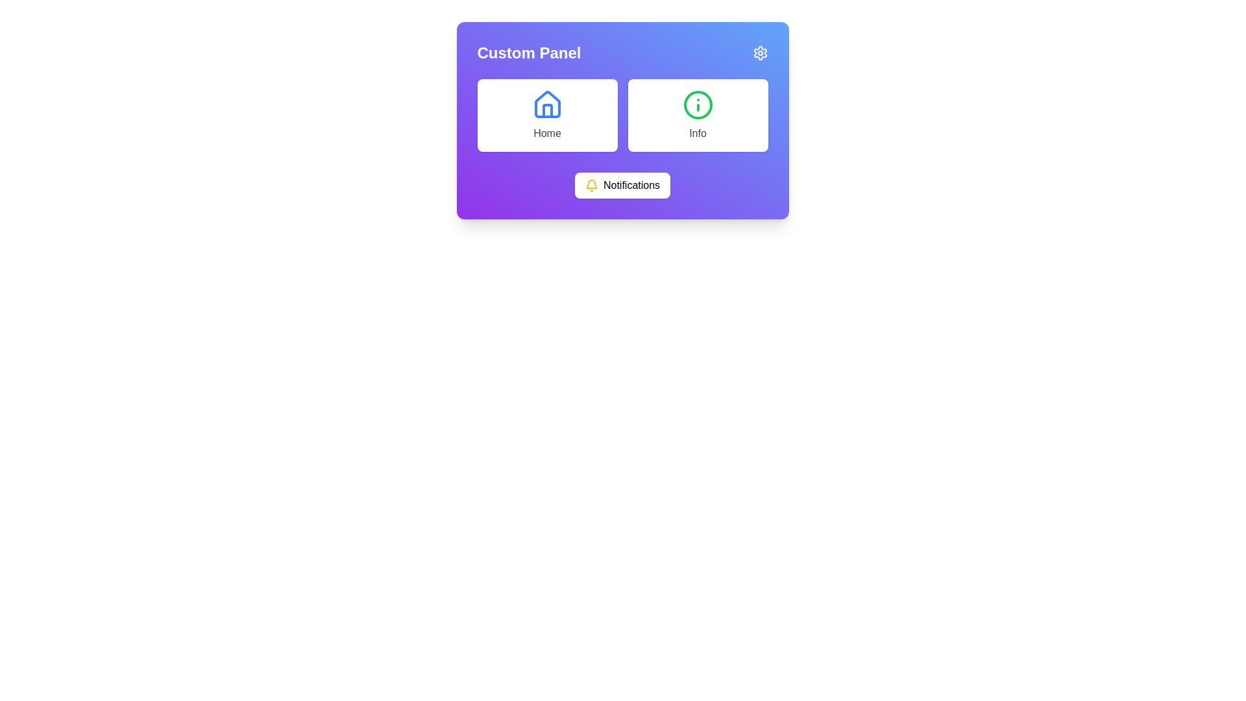 This screenshot has height=701, width=1246. I want to click on the blue house-shaped icon located above the 'Home' text within a white rectangular card on the left side of the panel, so click(547, 105).